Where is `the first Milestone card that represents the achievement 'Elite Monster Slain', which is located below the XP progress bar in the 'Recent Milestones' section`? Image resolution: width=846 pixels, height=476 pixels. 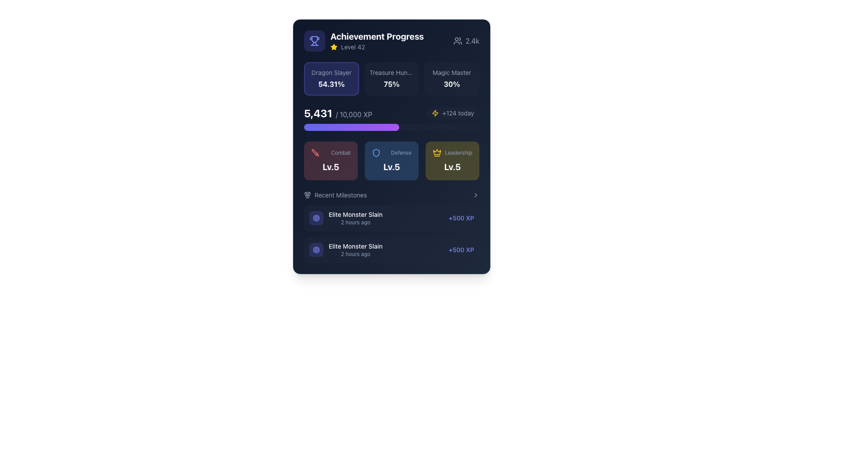 the first Milestone card that represents the achievement 'Elite Monster Slain', which is located below the XP progress bar in the 'Recent Milestones' section is located at coordinates (391, 218).